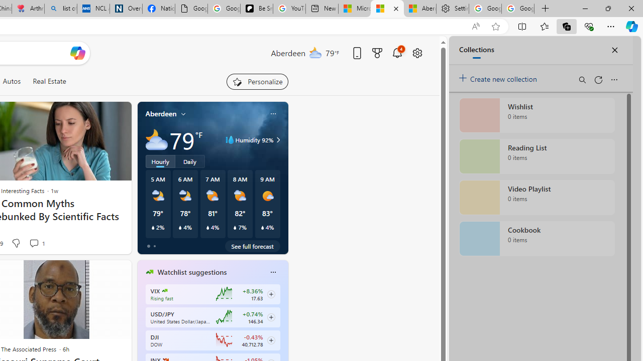  I want to click on 'My location', so click(183, 113).